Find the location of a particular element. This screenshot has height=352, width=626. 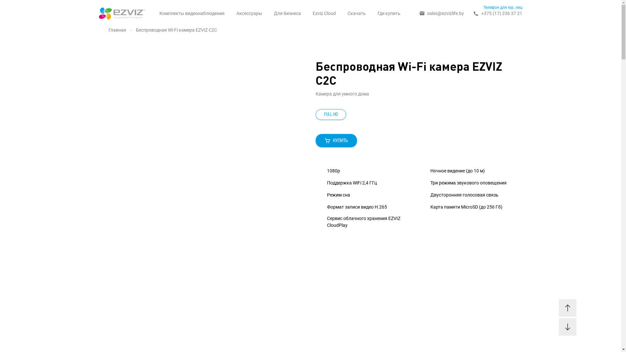

'Ezviz Cloud' is located at coordinates (324, 13).